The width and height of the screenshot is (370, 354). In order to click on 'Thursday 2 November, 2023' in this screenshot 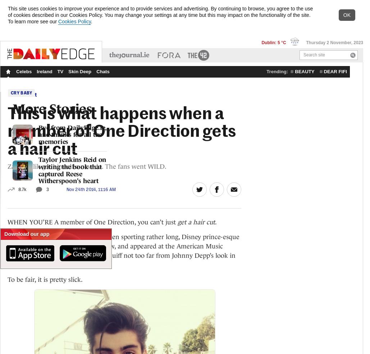, I will do `click(334, 43)`.